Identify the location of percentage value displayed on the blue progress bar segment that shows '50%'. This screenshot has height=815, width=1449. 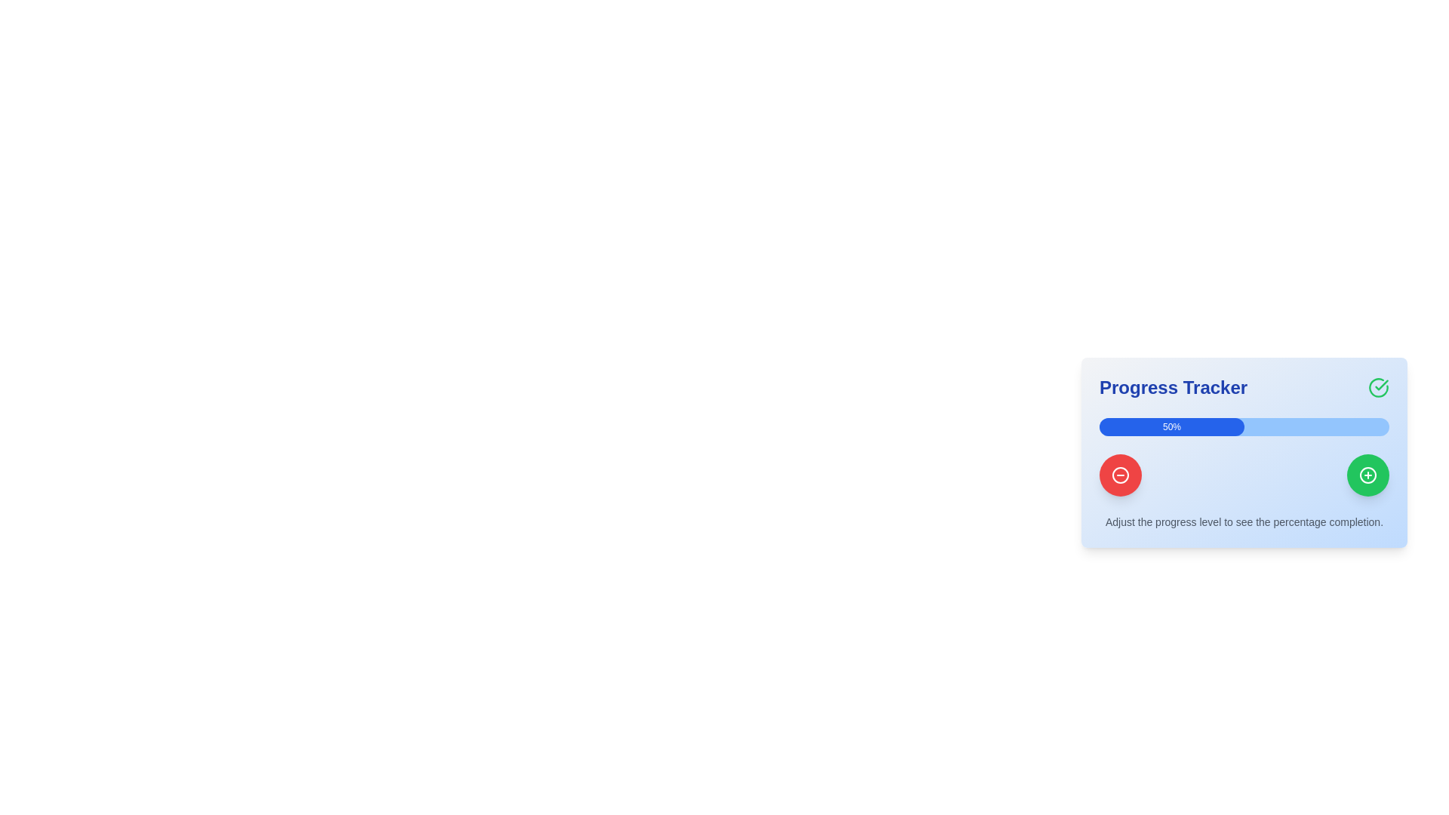
(1171, 427).